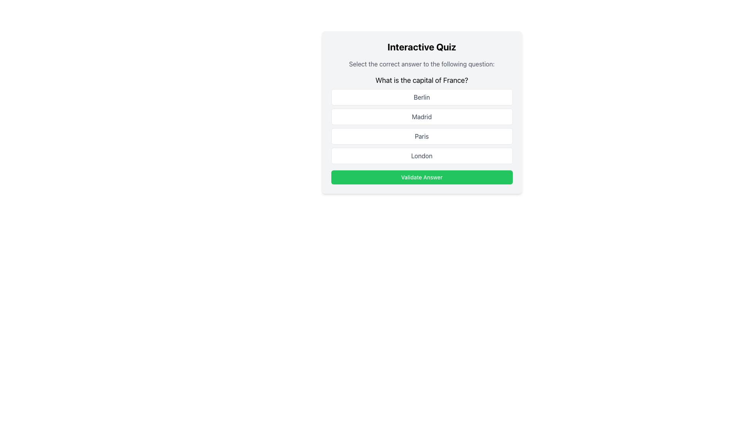  What do you see at coordinates (421, 177) in the screenshot?
I see `the green button labeled 'Validate Answer' located at the bottom of the interactive quiz section` at bounding box center [421, 177].